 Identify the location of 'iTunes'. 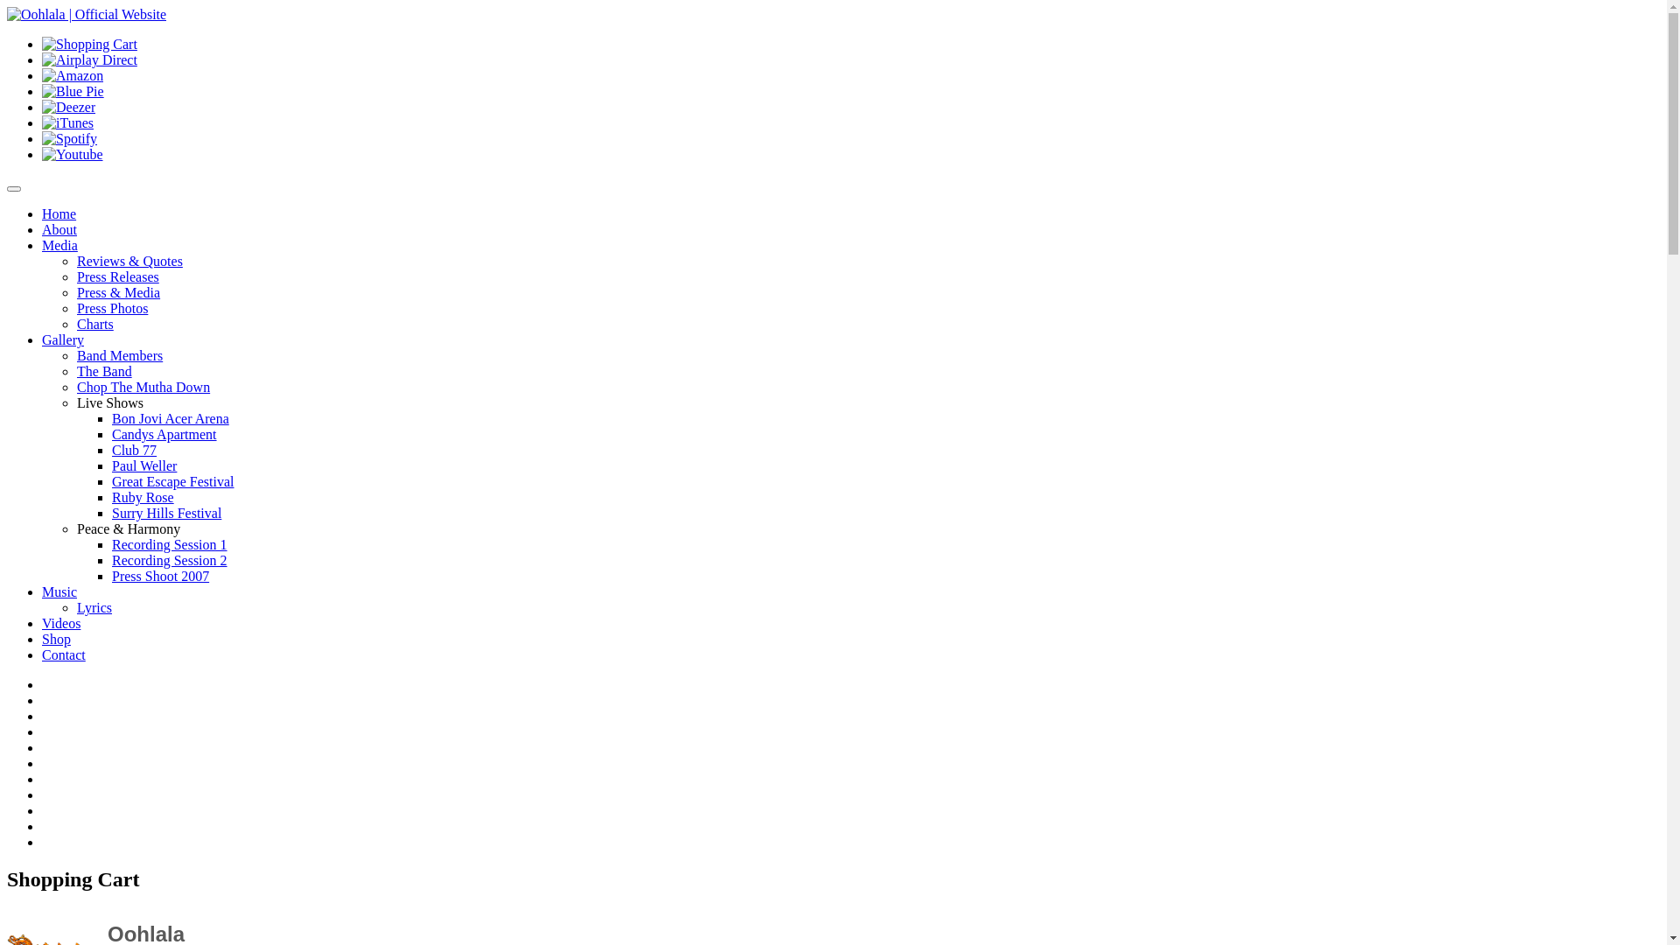
(67, 122).